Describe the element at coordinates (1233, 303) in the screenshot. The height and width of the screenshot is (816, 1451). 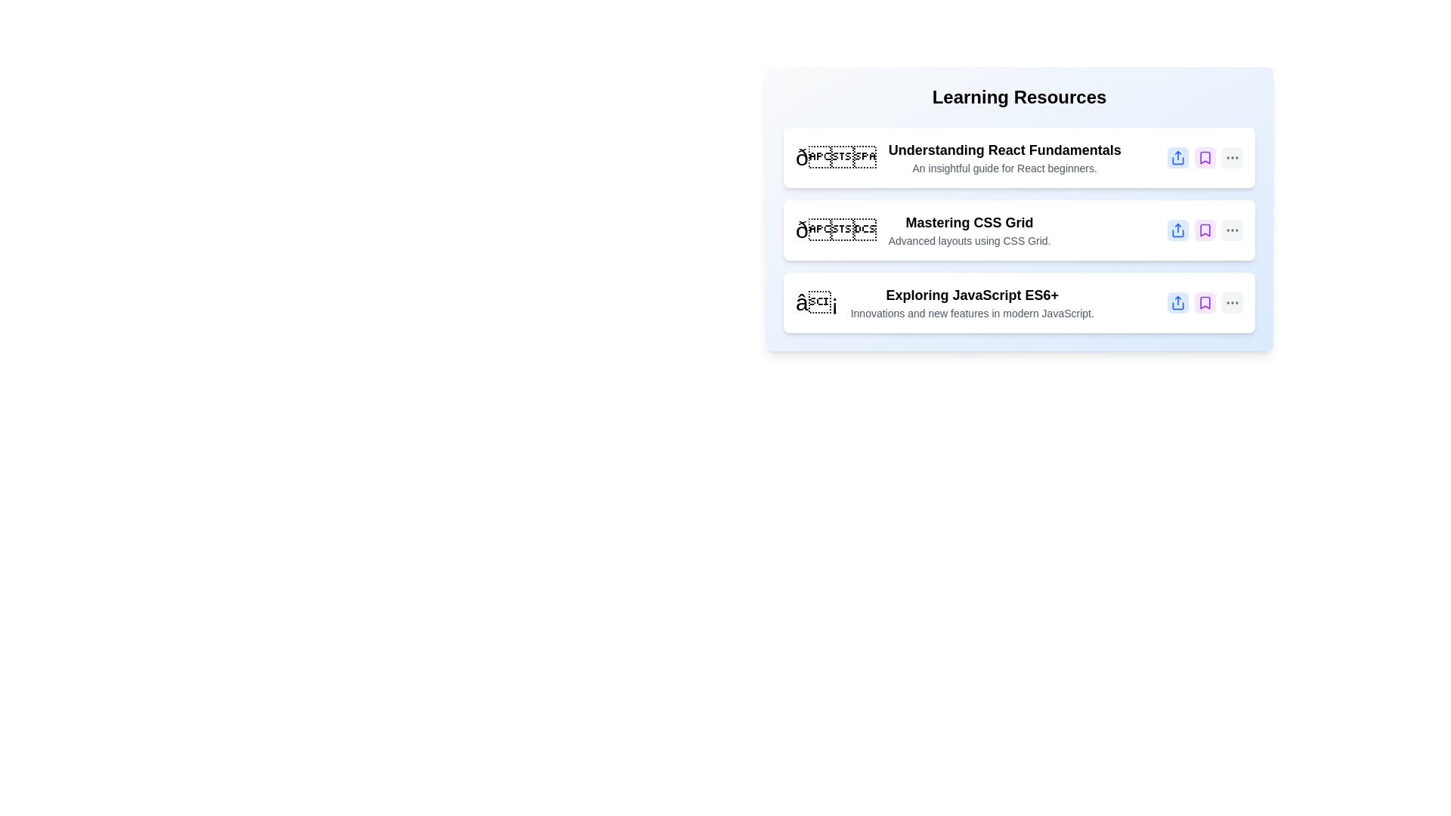
I see `'More Options' button for the item with title 'Exploring JavaScript ES6+'` at that location.